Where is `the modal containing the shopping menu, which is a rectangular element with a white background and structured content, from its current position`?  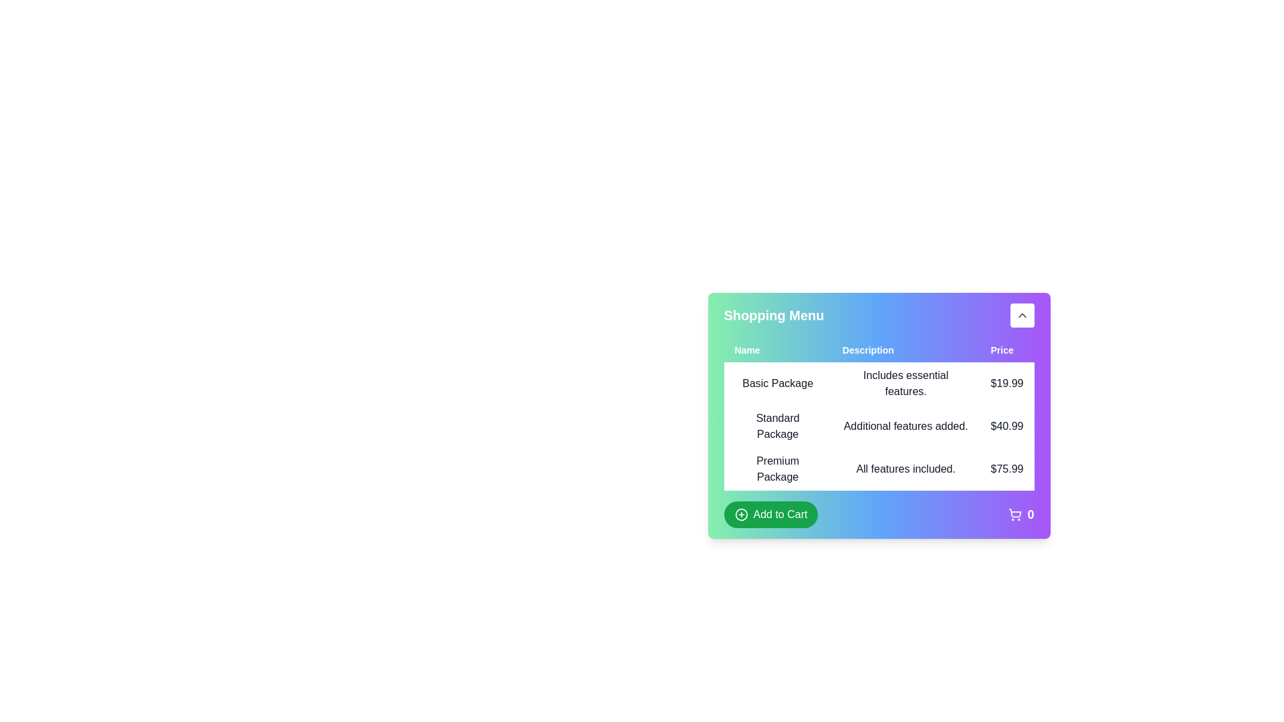 the modal containing the shopping menu, which is a rectangular element with a white background and structured content, from its current position is located at coordinates (879, 451).